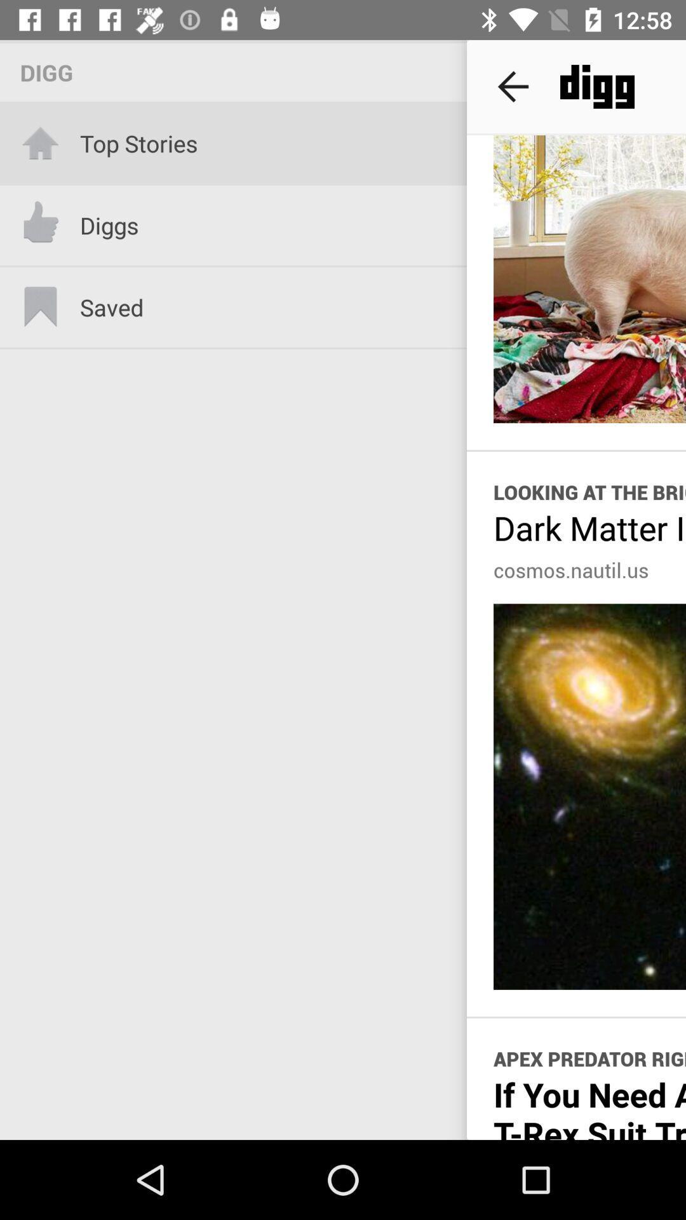 This screenshot has height=1220, width=686. What do you see at coordinates (589, 1059) in the screenshot?
I see `apex predator right icon` at bounding box center [589, 1059].